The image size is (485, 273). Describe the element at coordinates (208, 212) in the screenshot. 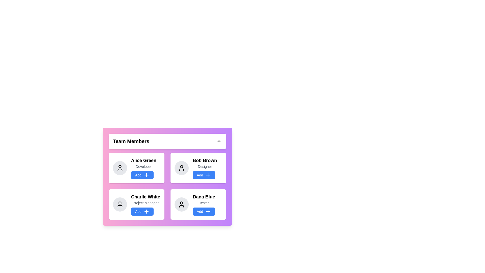

I see `the plus icon located at the bottom-right corner of the card for 'Dana Blue'` at that location.